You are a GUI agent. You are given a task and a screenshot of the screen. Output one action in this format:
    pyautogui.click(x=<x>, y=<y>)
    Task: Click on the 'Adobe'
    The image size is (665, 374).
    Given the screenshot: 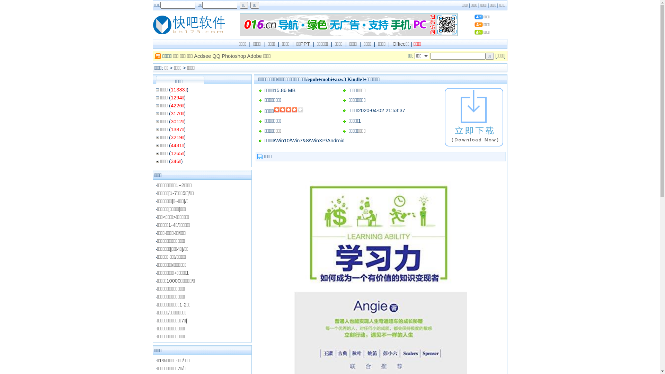 What is the action you would take?
    pyautogui.click(x=254, y=56)
    